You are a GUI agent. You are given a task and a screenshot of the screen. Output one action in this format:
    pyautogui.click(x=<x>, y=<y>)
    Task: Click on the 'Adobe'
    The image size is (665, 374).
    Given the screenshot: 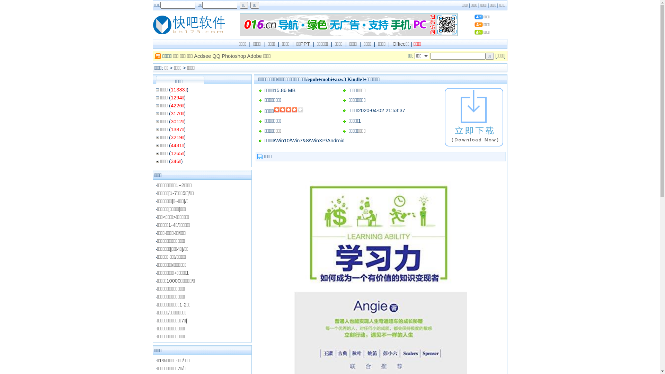 What is the action you would take?
    pyautogui.click(x=254, y=56)
    